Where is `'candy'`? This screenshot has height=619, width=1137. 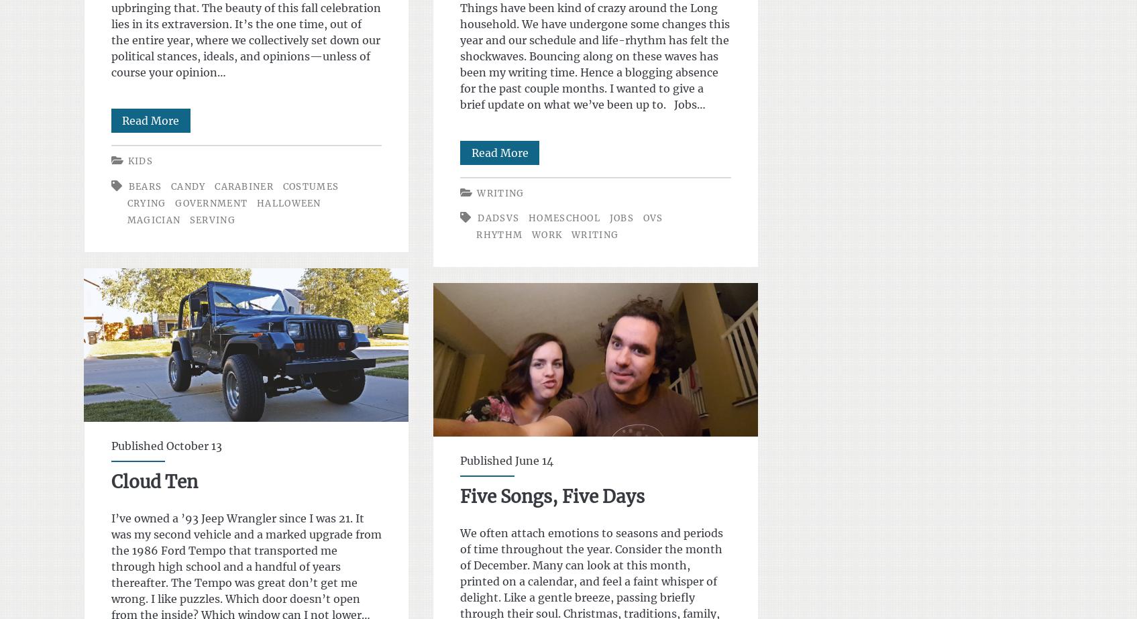 'candy' is located at coordinates (170, 186).